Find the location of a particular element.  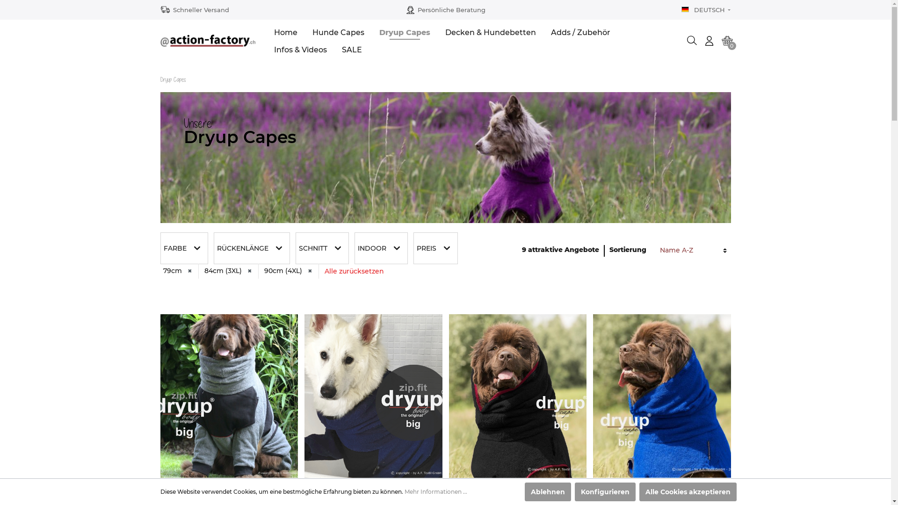

'Alle Cookies akzeptieren' is located at coordinates (687, 491).